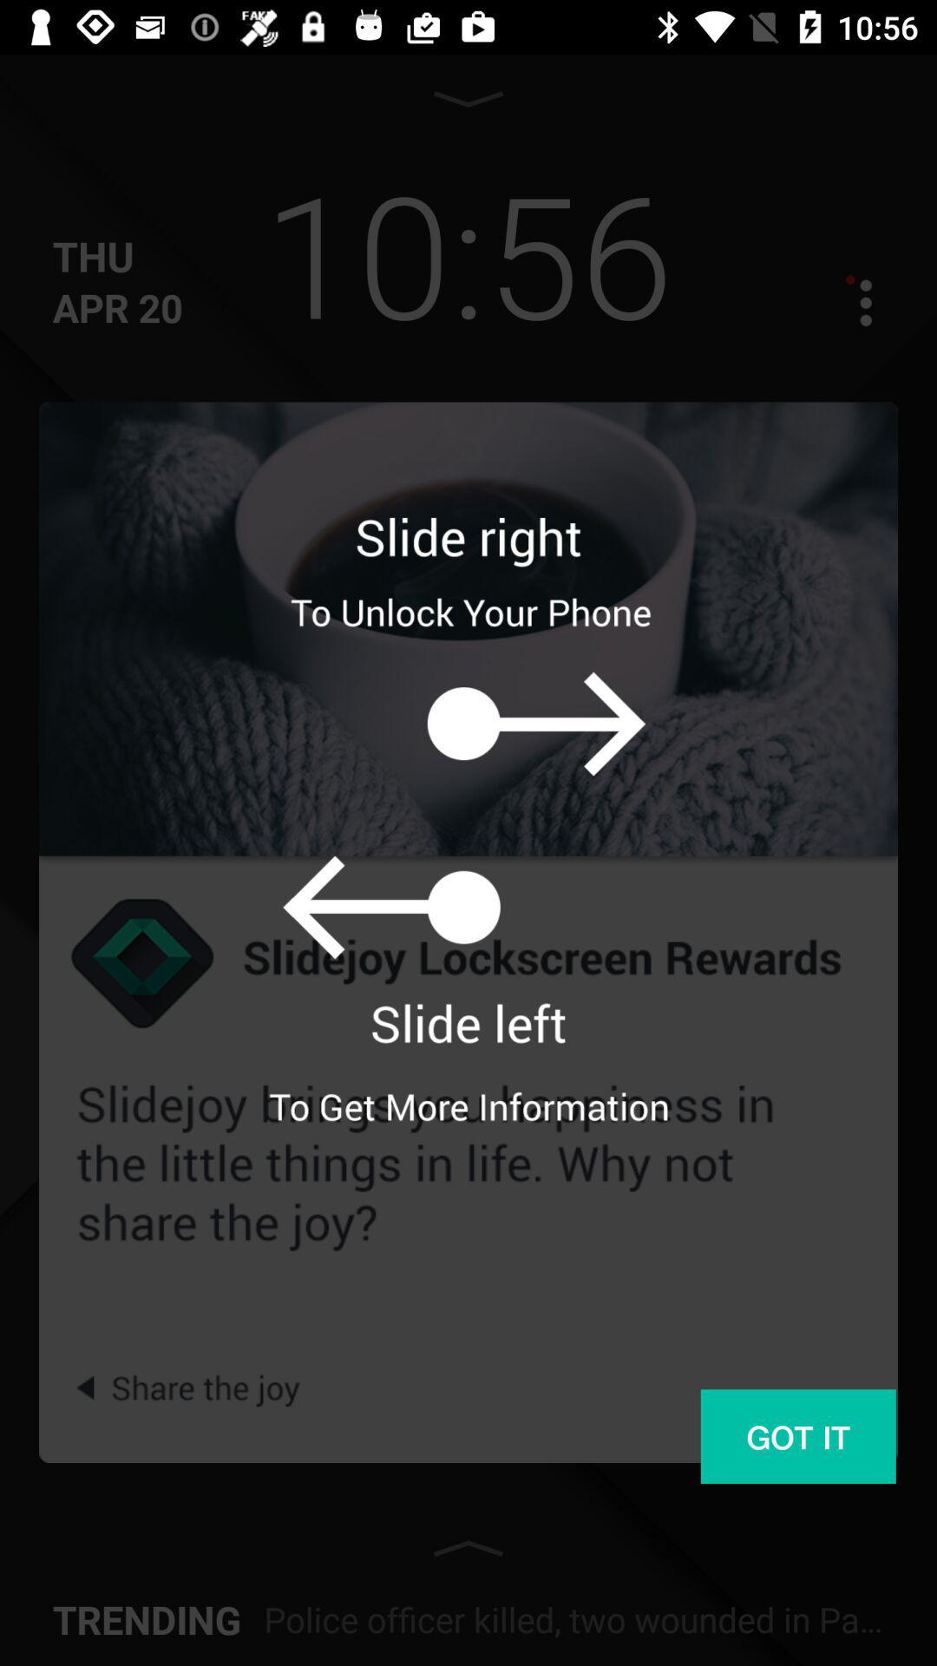  I want to click on show more information, so click(849, 302).